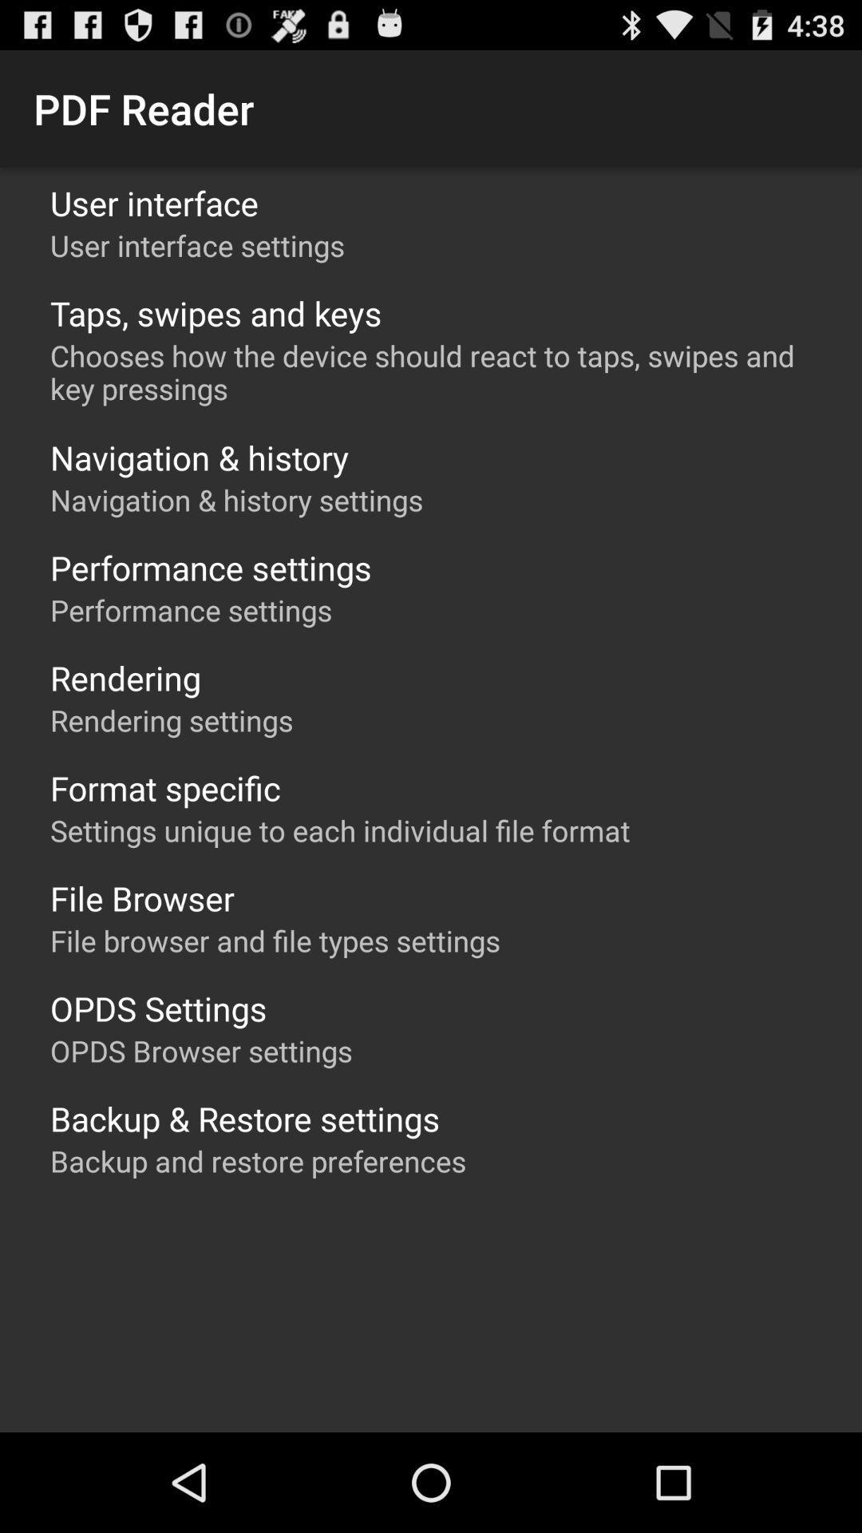  What do you see at coordinates (339, 830) in the screenshot?
I see `settings unique to app` at bounding box center [339, 830].